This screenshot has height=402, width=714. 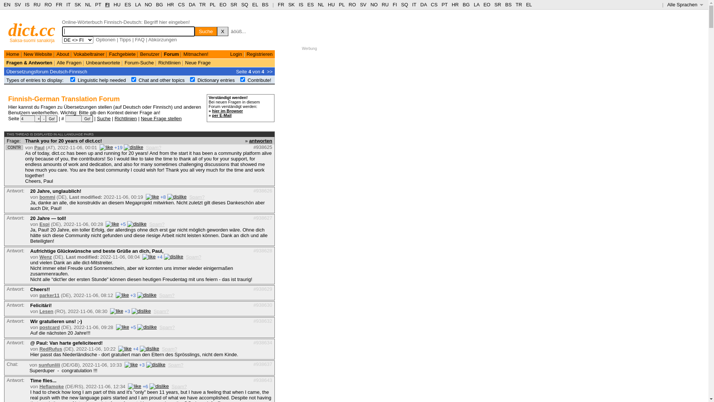 What do you see at coordinates (263, 320) in the screenshot?
I see `'#938632'` at bounding box center [263, 320].